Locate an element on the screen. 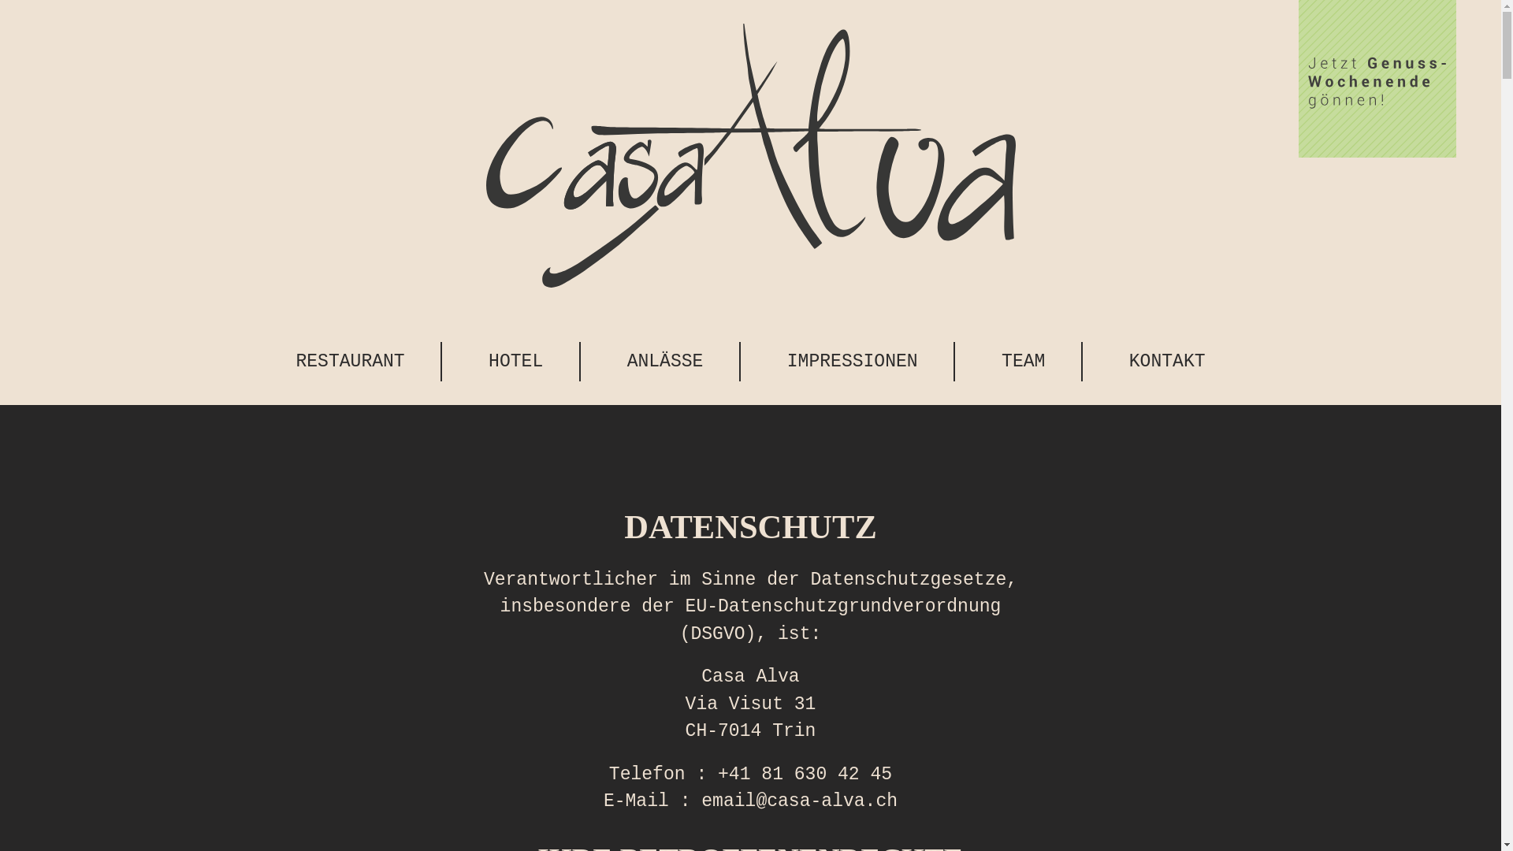 Image resolution: width=1513 pixels, height=851 pixels. 'KONTAKT' is located at coordinates (1167, 362).